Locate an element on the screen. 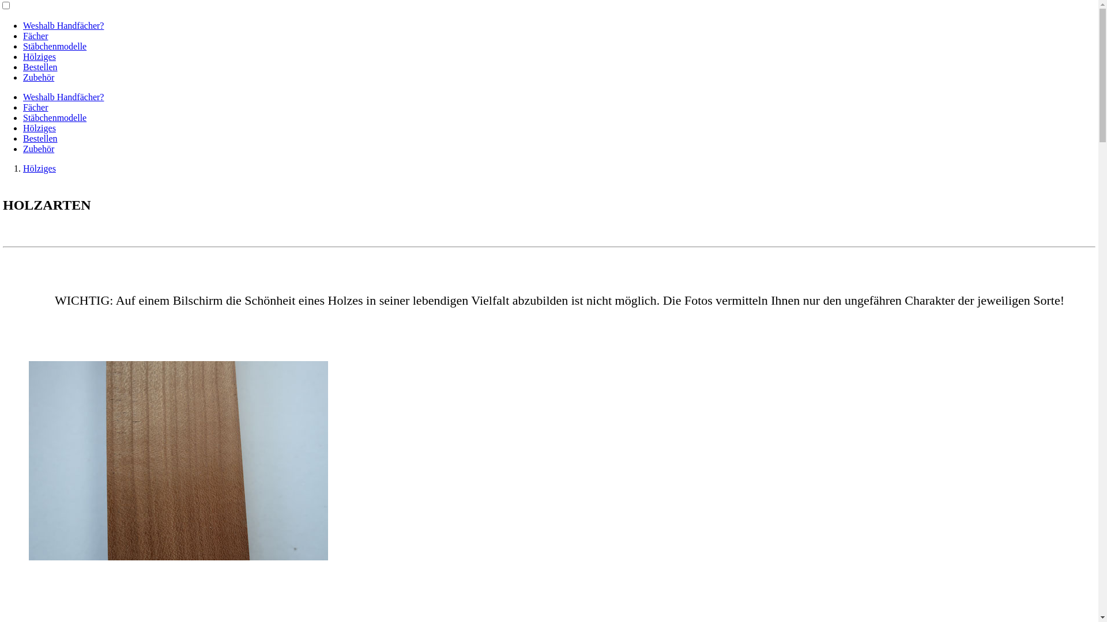 This screenshot has height=622, width=1107. 'Bestellen' is located at coordinates (40, 67).